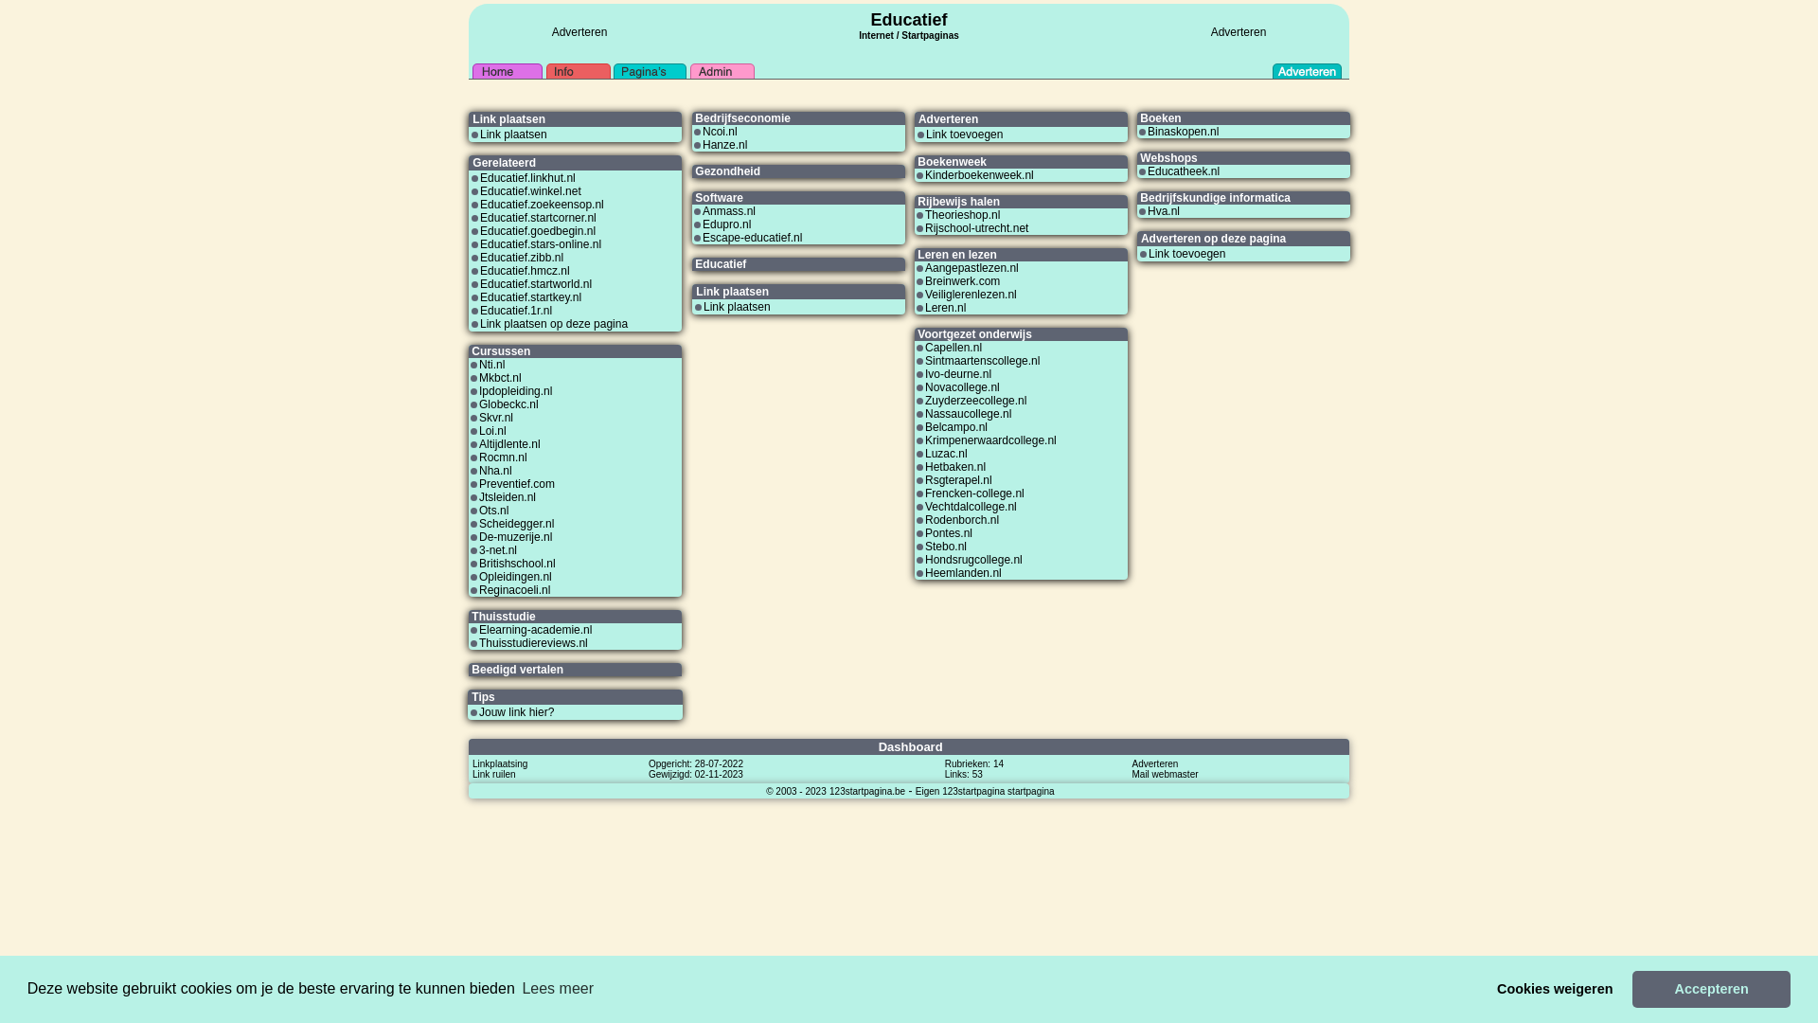 Image resolution: width=1818 pixels, height=1023 pixels. Describe the element at coordinates (900, 35) in the screenshot. I see `'Startpaginas'` at that location.